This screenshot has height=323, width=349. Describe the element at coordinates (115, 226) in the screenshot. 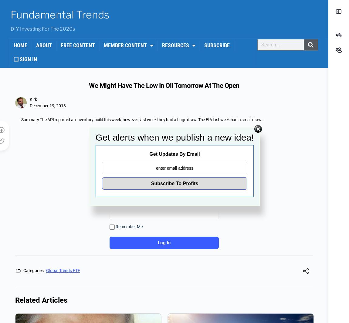

I see `'Remember Me'` at that location.